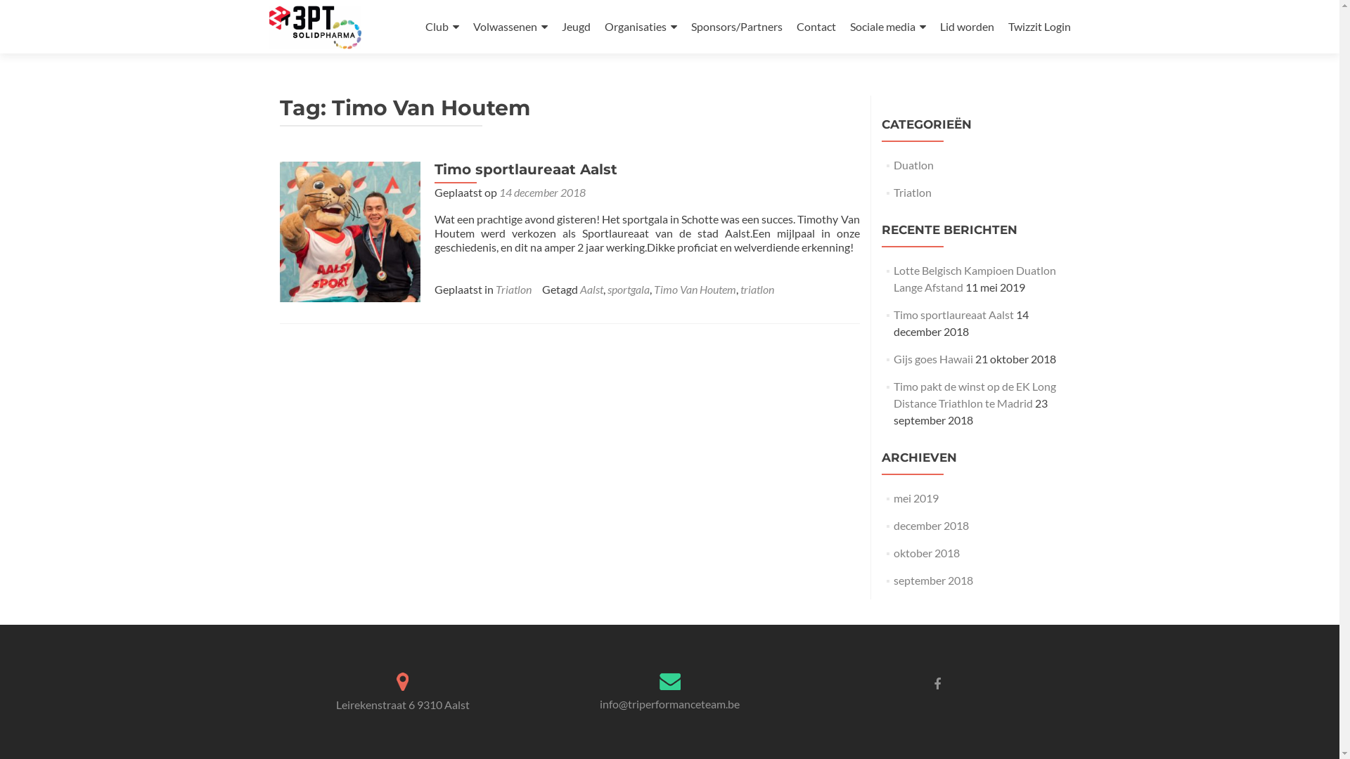  I want to click on 'Aalst', so click(591, 288).